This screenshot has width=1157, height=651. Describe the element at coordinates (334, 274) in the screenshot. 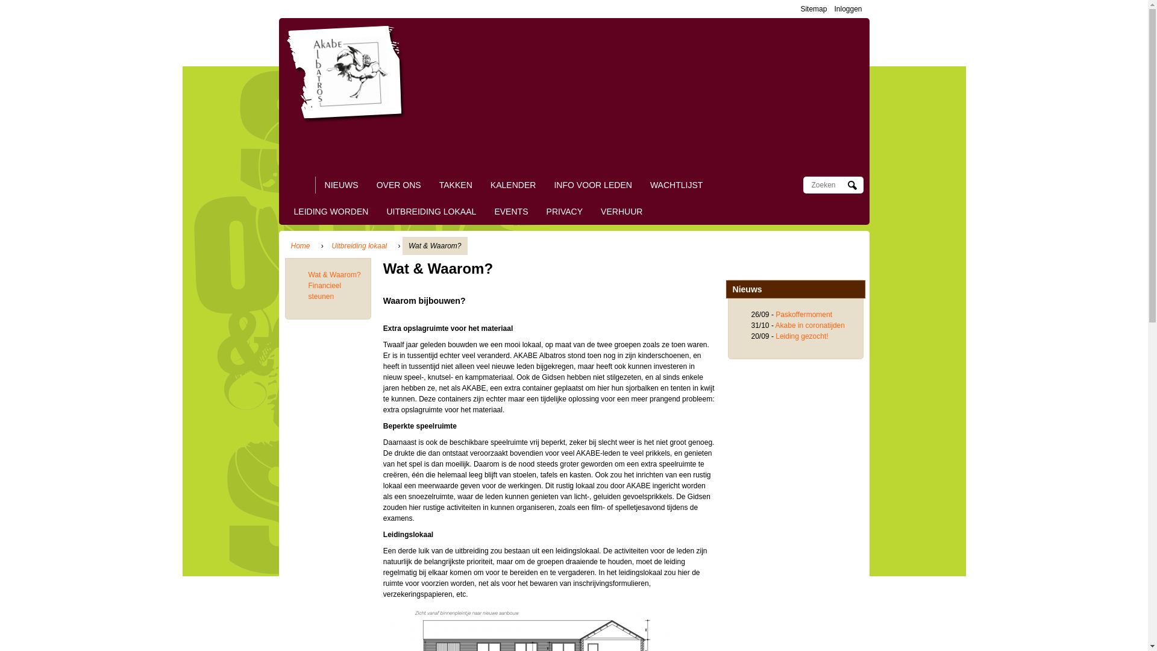

I see `'Wat & Waarom?'` at that location.